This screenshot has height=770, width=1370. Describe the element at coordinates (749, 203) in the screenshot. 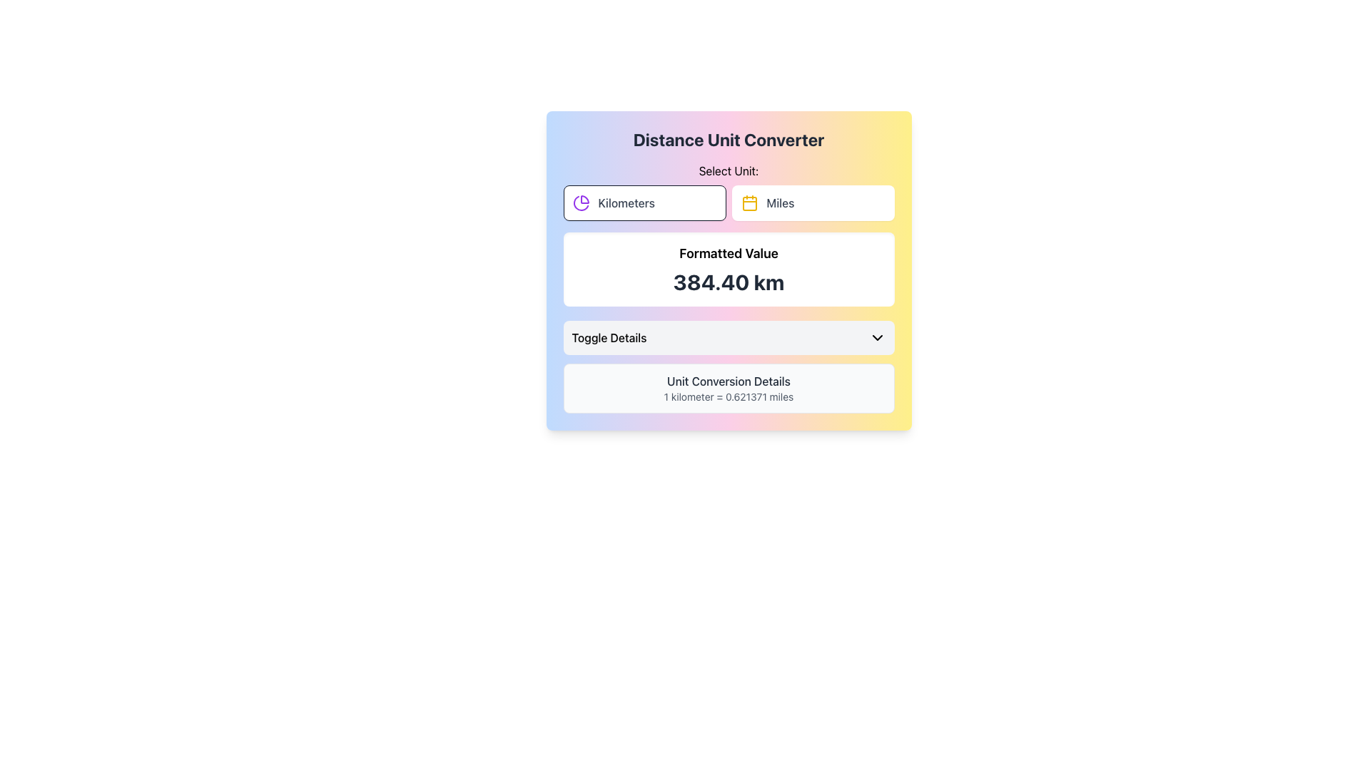

I see `the yellow rounded rectangle inside the calendar icon located within the Miles button at the top right area of the Distance Unit Converter panel` at that location.